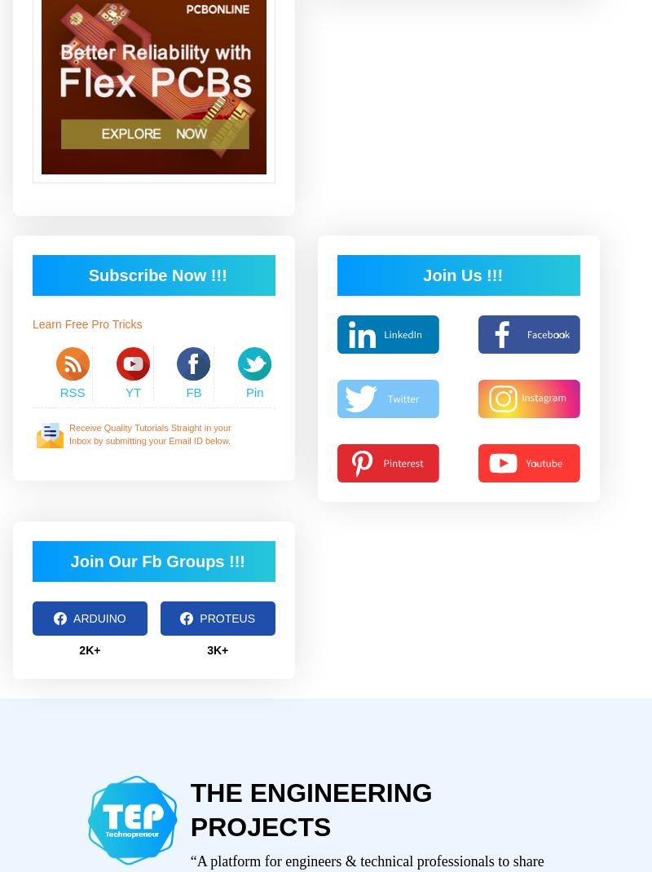  I want to click on 'Pin', so click(253, 391).